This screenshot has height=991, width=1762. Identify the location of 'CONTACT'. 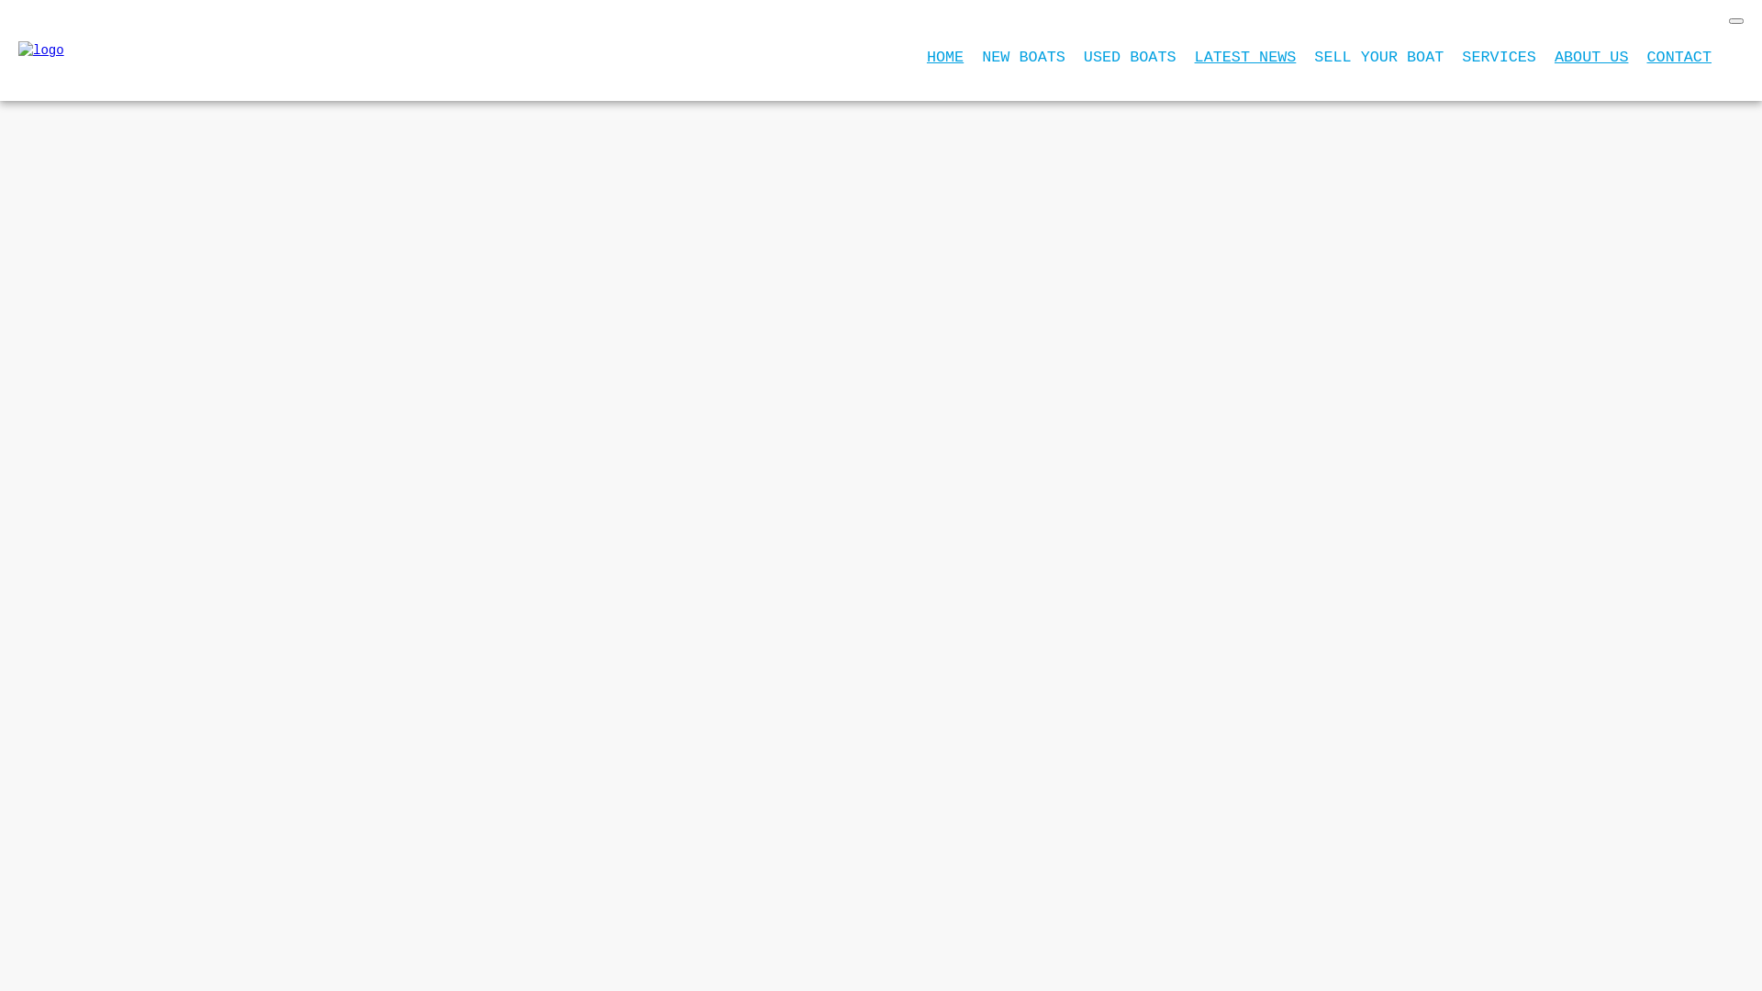
(1646, 56).